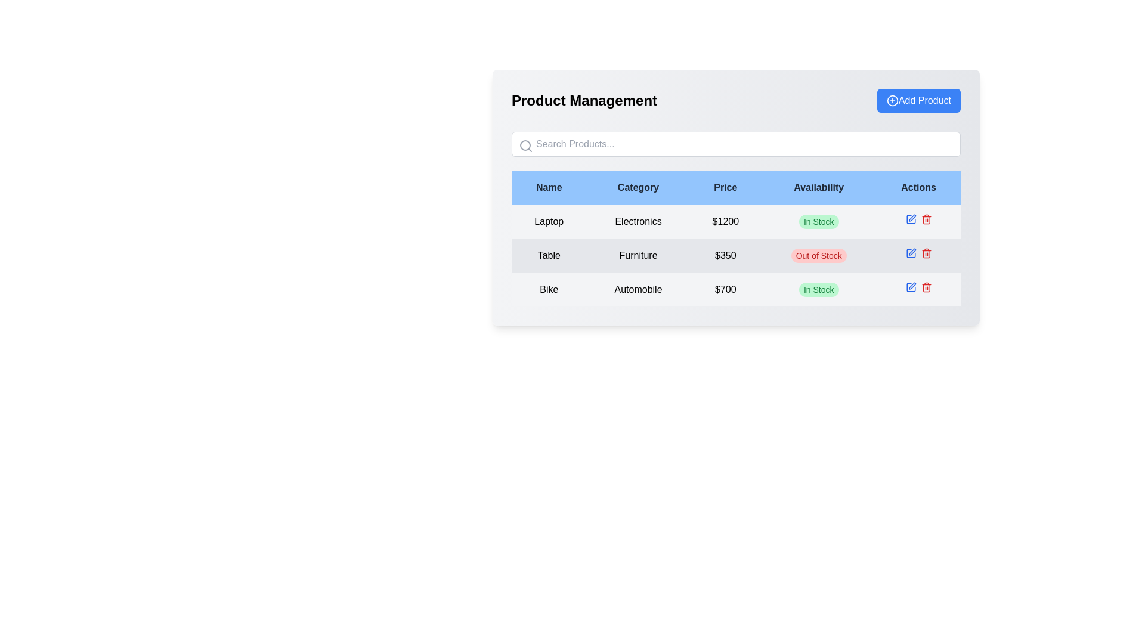 The height and width of the screenshot is (644, 1145). What do you see at coordinates (725, 221) in the screenshot?
I see `the text element displaying the price '$1200' in the first row and third column of the table under the 'Price' header` at bounding box center [725, 221].